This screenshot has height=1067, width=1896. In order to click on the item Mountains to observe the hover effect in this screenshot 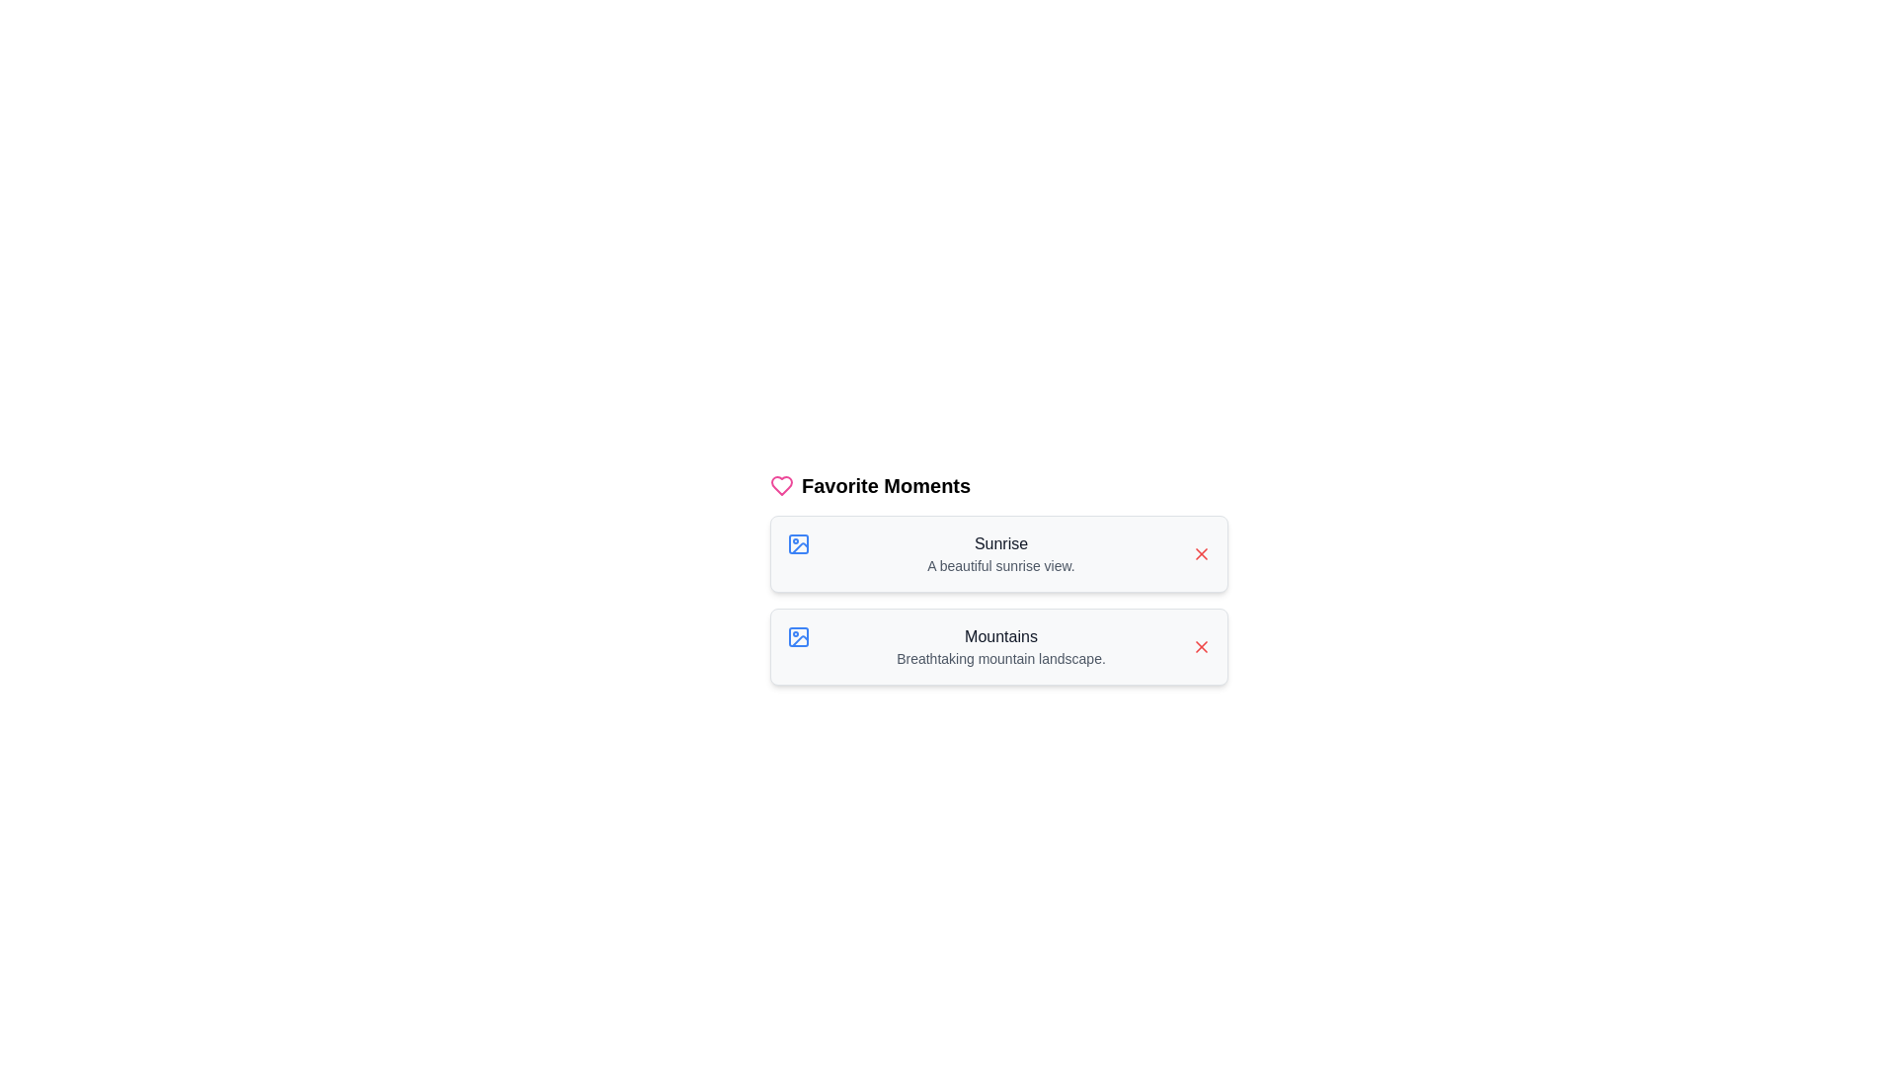, I will do `click(999, 647)`.